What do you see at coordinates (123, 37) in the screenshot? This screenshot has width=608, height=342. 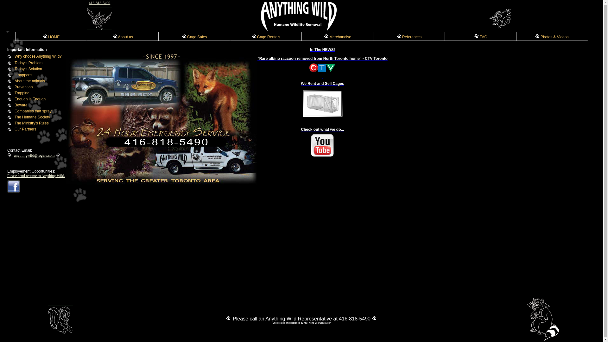 I see `'About us'` at bounding box center [123, 37].